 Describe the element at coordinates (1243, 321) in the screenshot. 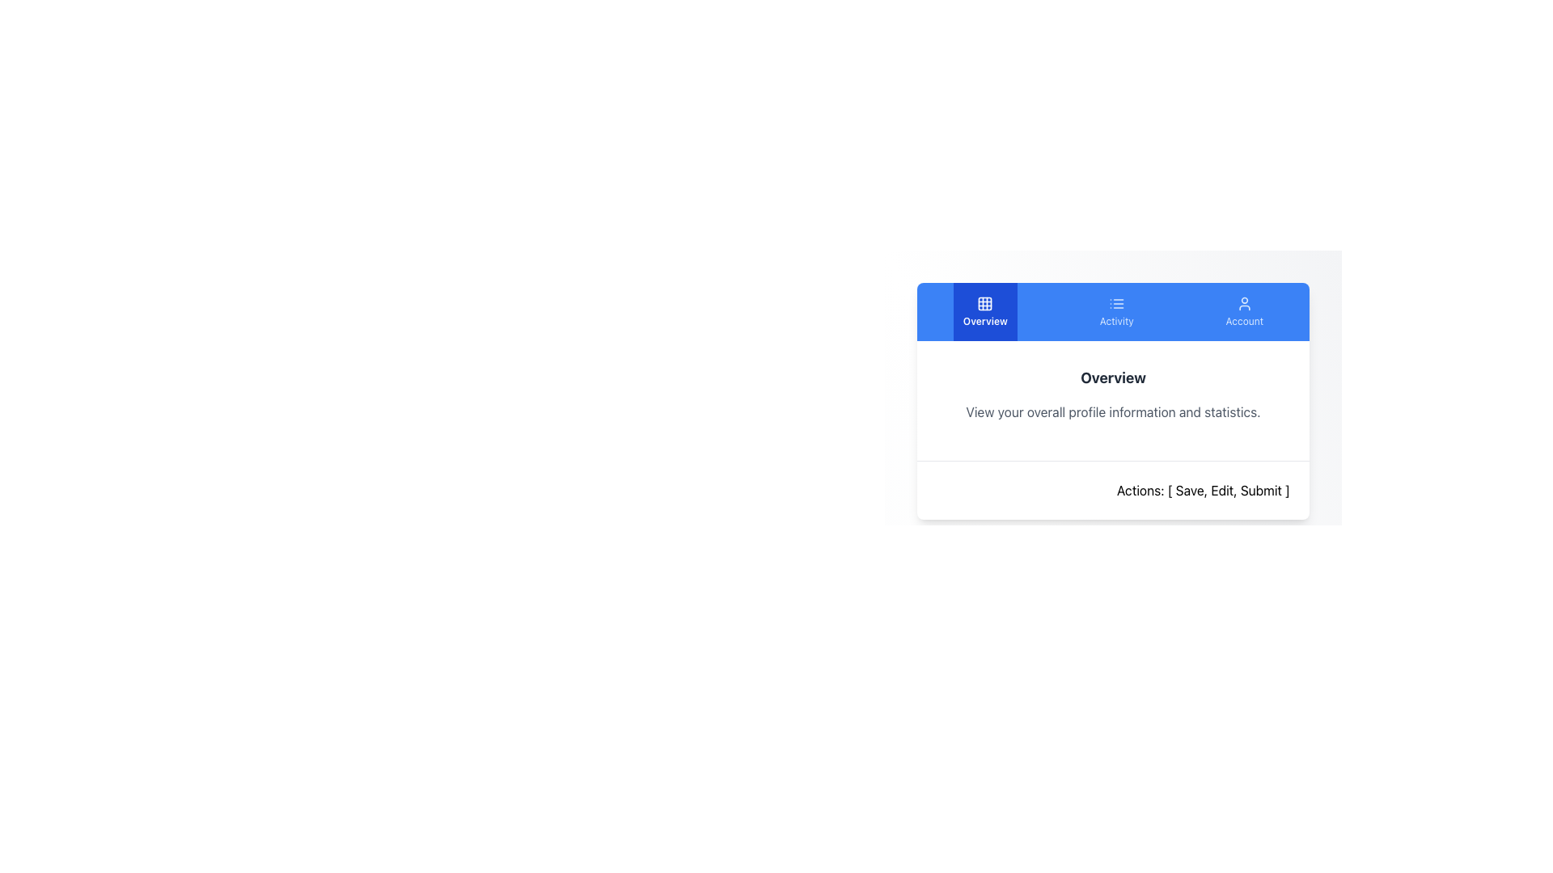

I see `the 'Account' text label located beneath the user profile icon in the blue navigation bar at the top-right segment of the interface` at that location.